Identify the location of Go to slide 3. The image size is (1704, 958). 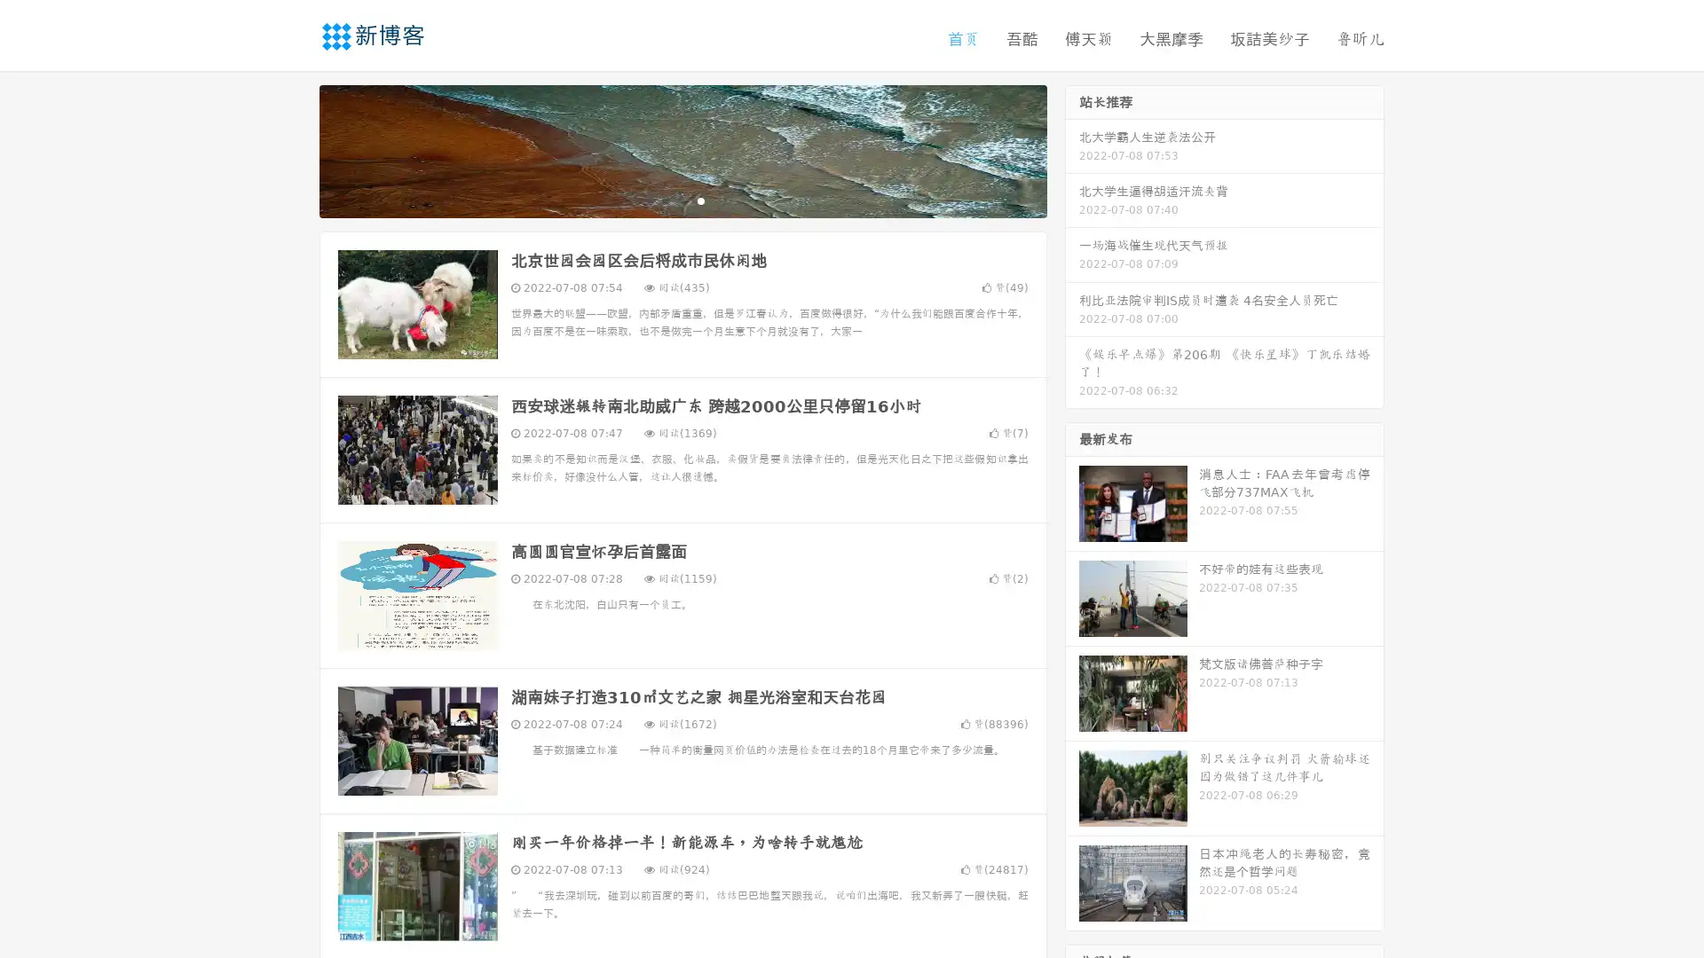
(700, 200).